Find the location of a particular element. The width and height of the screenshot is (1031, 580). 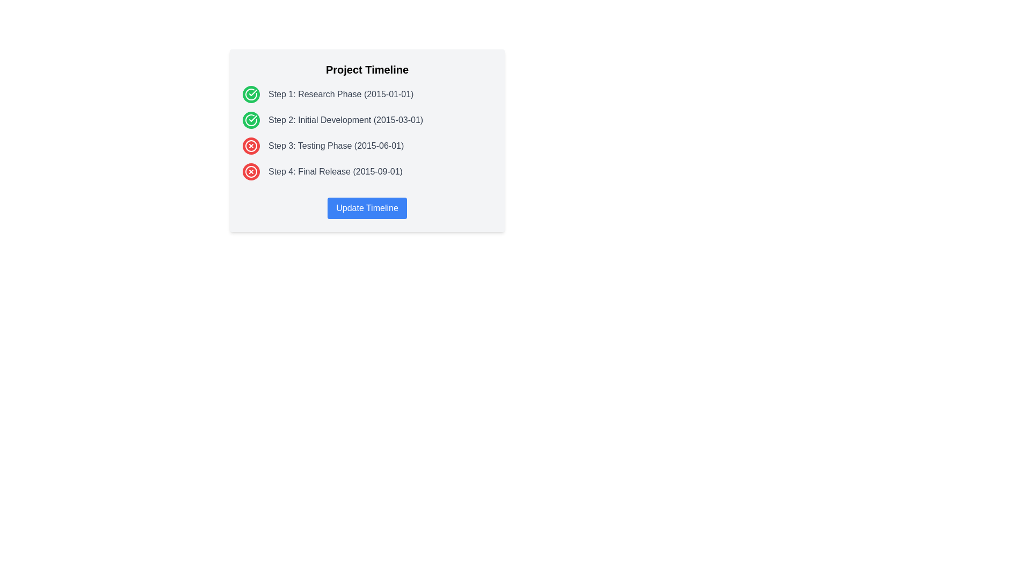

the third step in the project timeline, which indicates an unachieved or failed phase with a red circular icon is located at coordinates (367, 146).